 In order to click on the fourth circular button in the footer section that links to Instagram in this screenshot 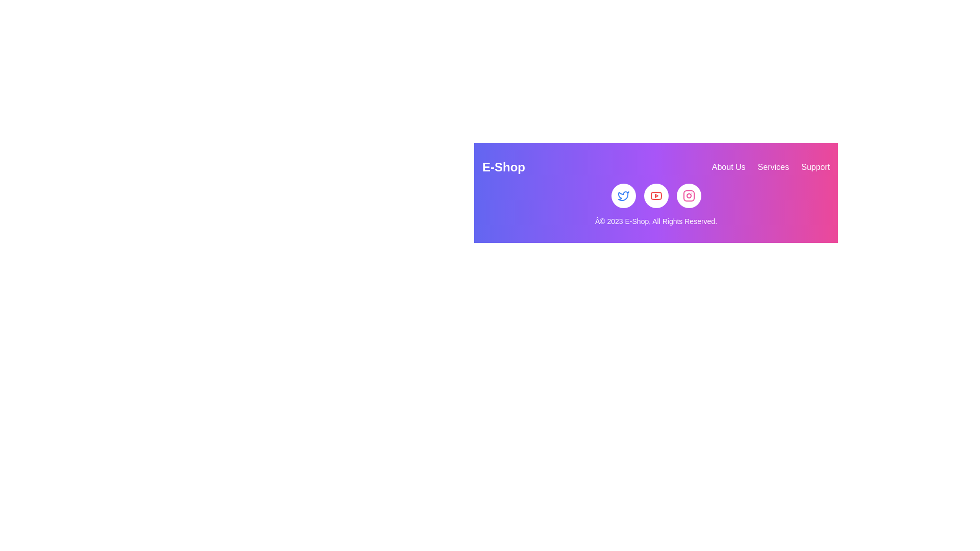, I will do `click(689, 196)`.